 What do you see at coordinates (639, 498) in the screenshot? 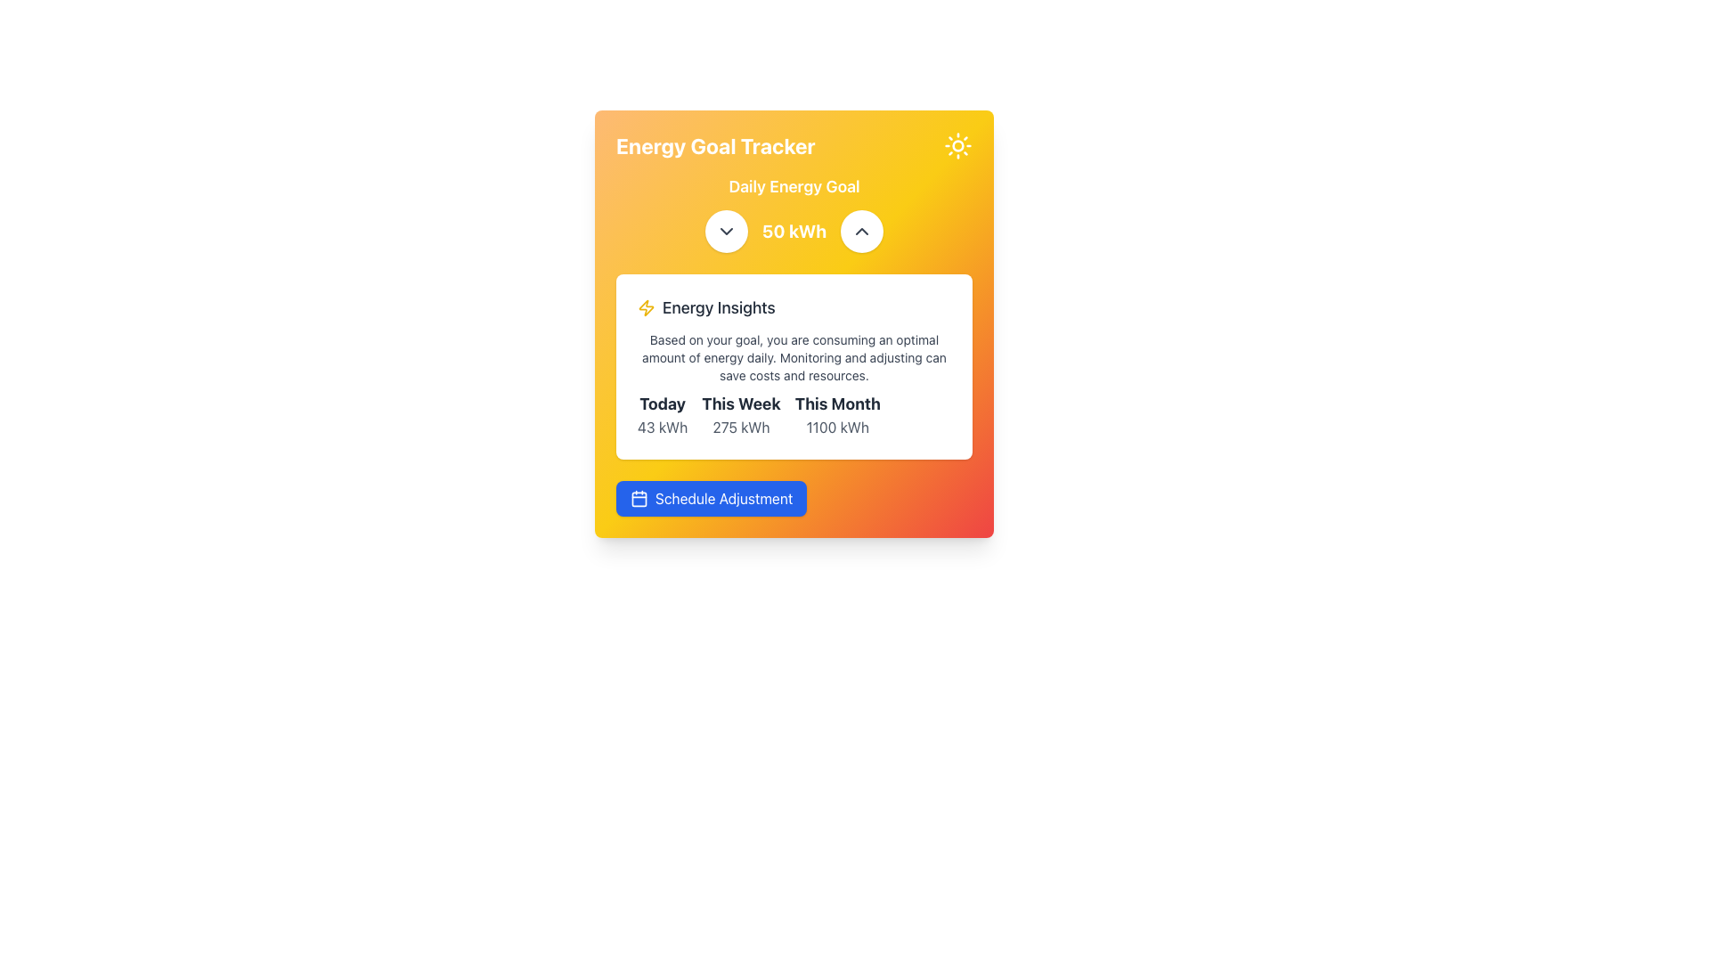
I see `the calendar icon located inside the 'Schedule Adjustment' button at the bottom section of the panel to interact with the button` at bounding box center [639, 498].